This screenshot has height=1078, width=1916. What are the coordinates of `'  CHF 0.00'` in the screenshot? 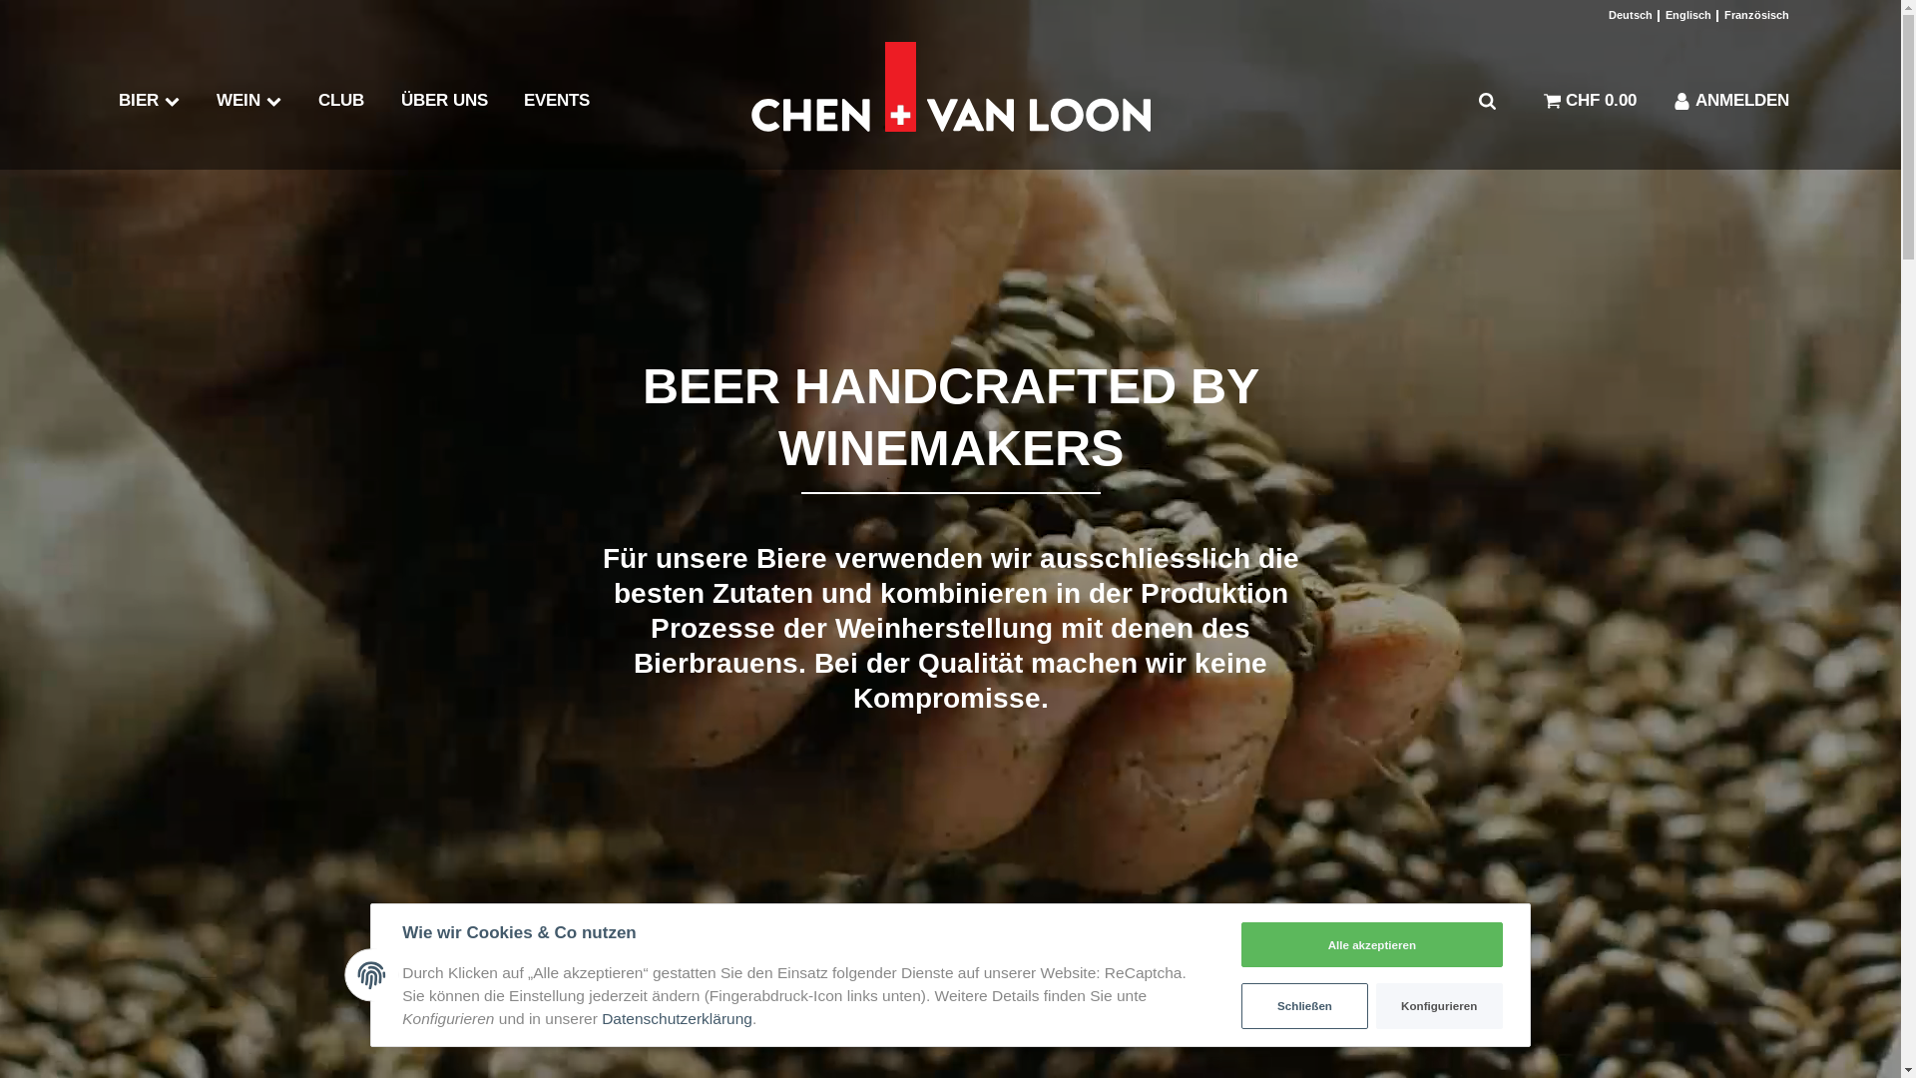 It's located at (1589, 101).